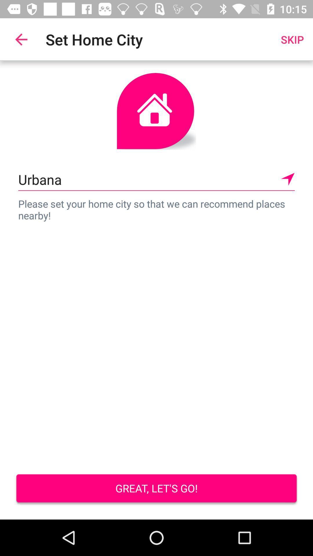 This screenshot has height=556, width=313. I want to click on the skip at the top right corner, so click(292, 39).